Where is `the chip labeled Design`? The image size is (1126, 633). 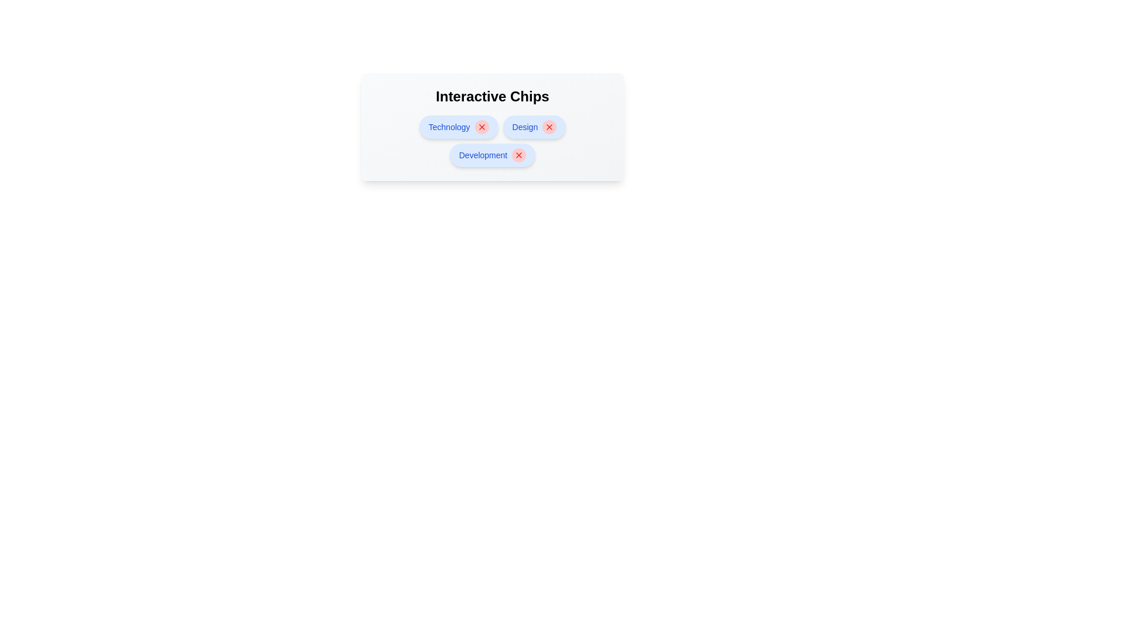 the chip labeled Design is located at coordinates (524, 127).